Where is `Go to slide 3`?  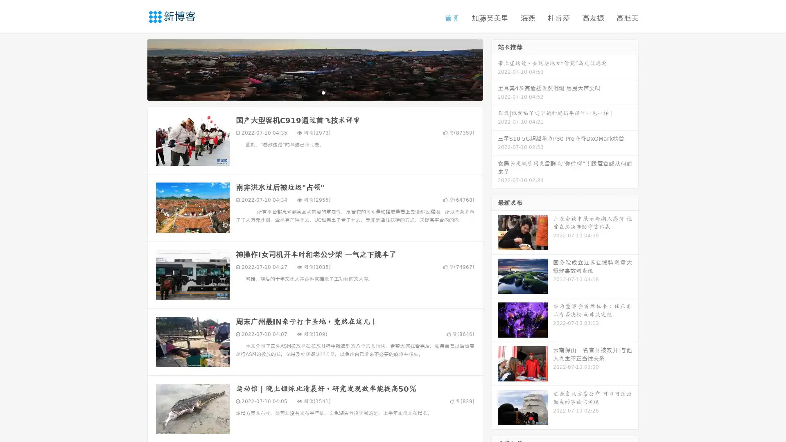 Go to slide 3 is located at coordinates (323, 92).